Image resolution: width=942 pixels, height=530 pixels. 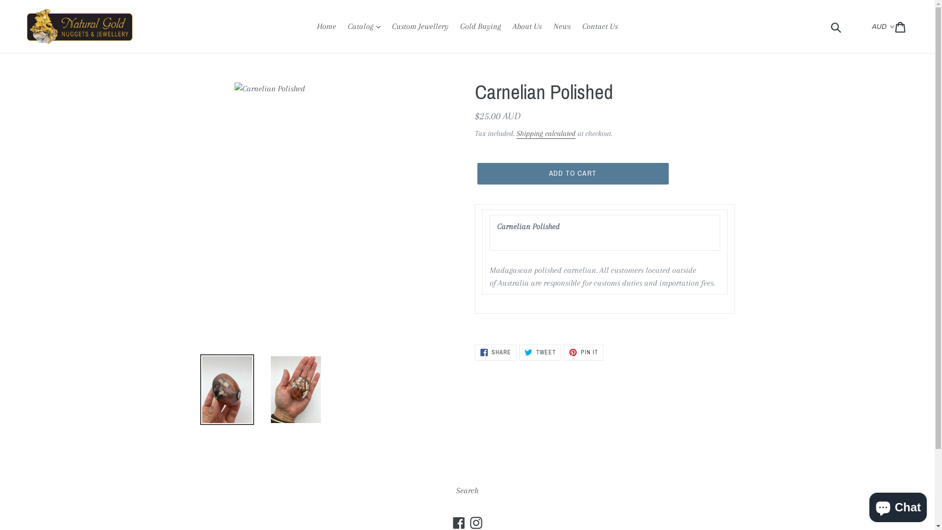 I want to click on 'Submit', so click(x=836, y=26).